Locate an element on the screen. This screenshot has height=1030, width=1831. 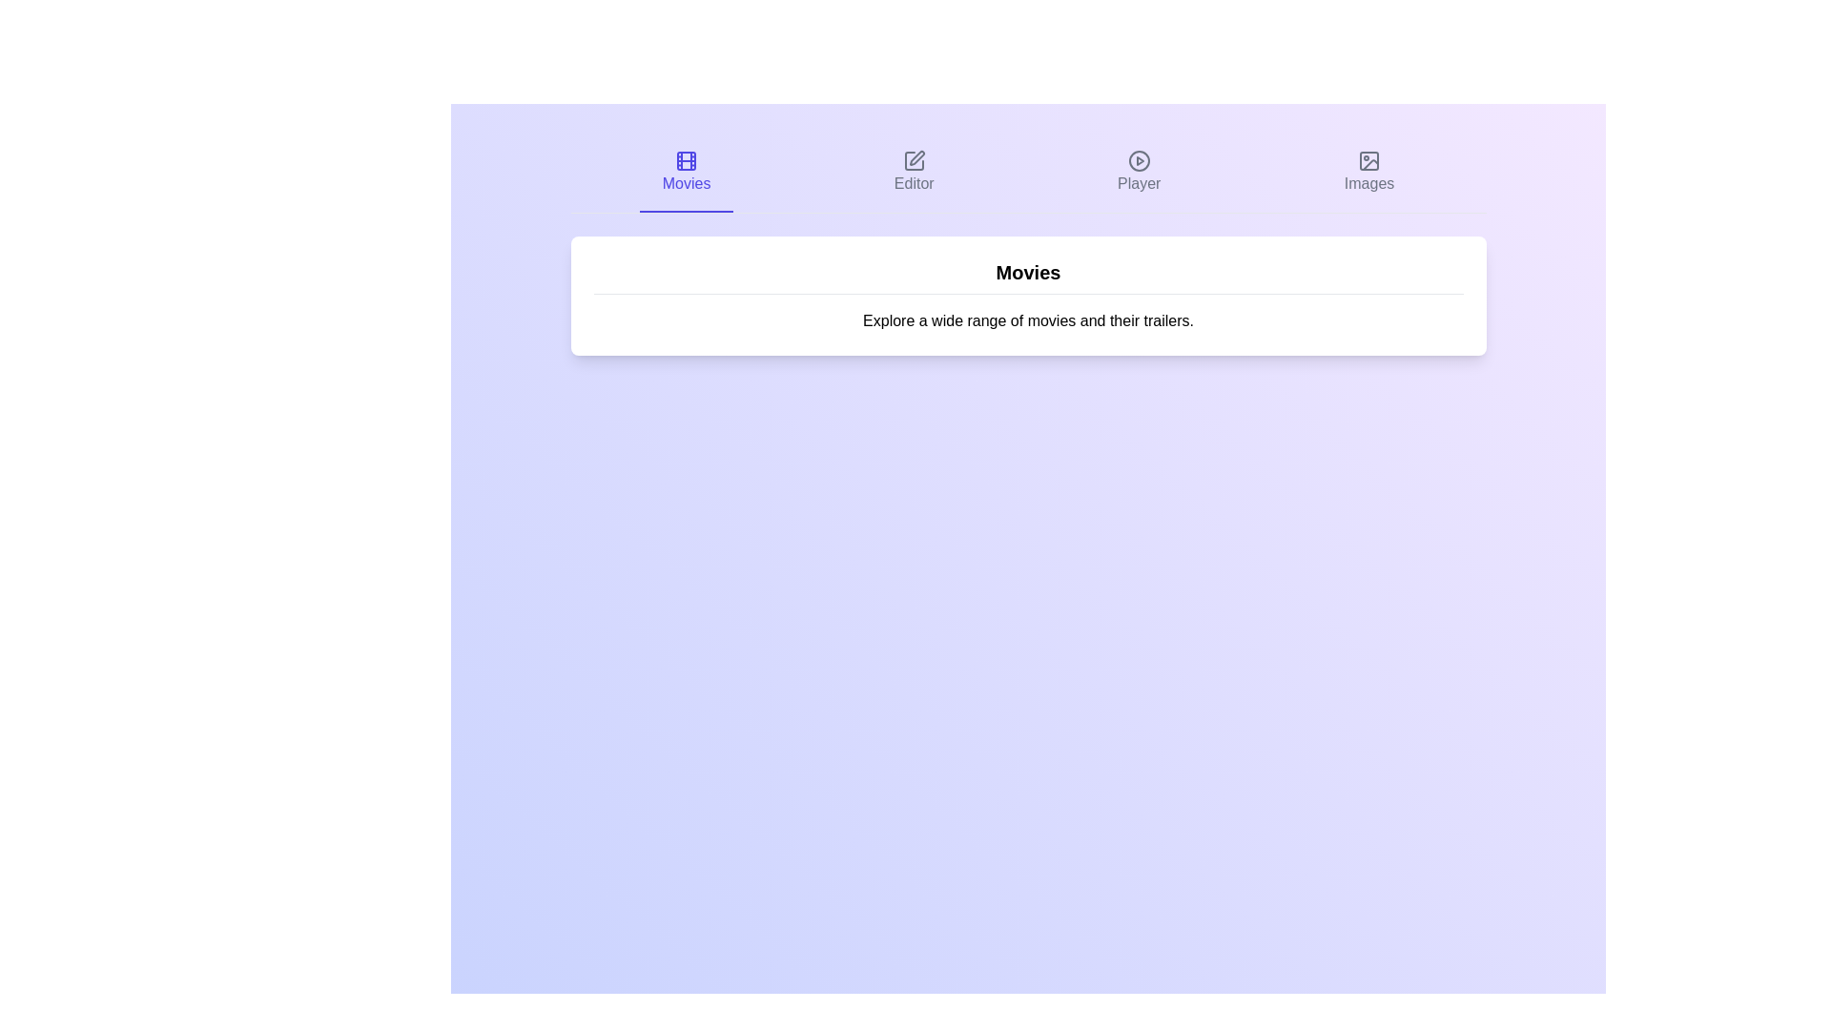
the Editor tab by clicking on it is located at coordinates (913, 173).